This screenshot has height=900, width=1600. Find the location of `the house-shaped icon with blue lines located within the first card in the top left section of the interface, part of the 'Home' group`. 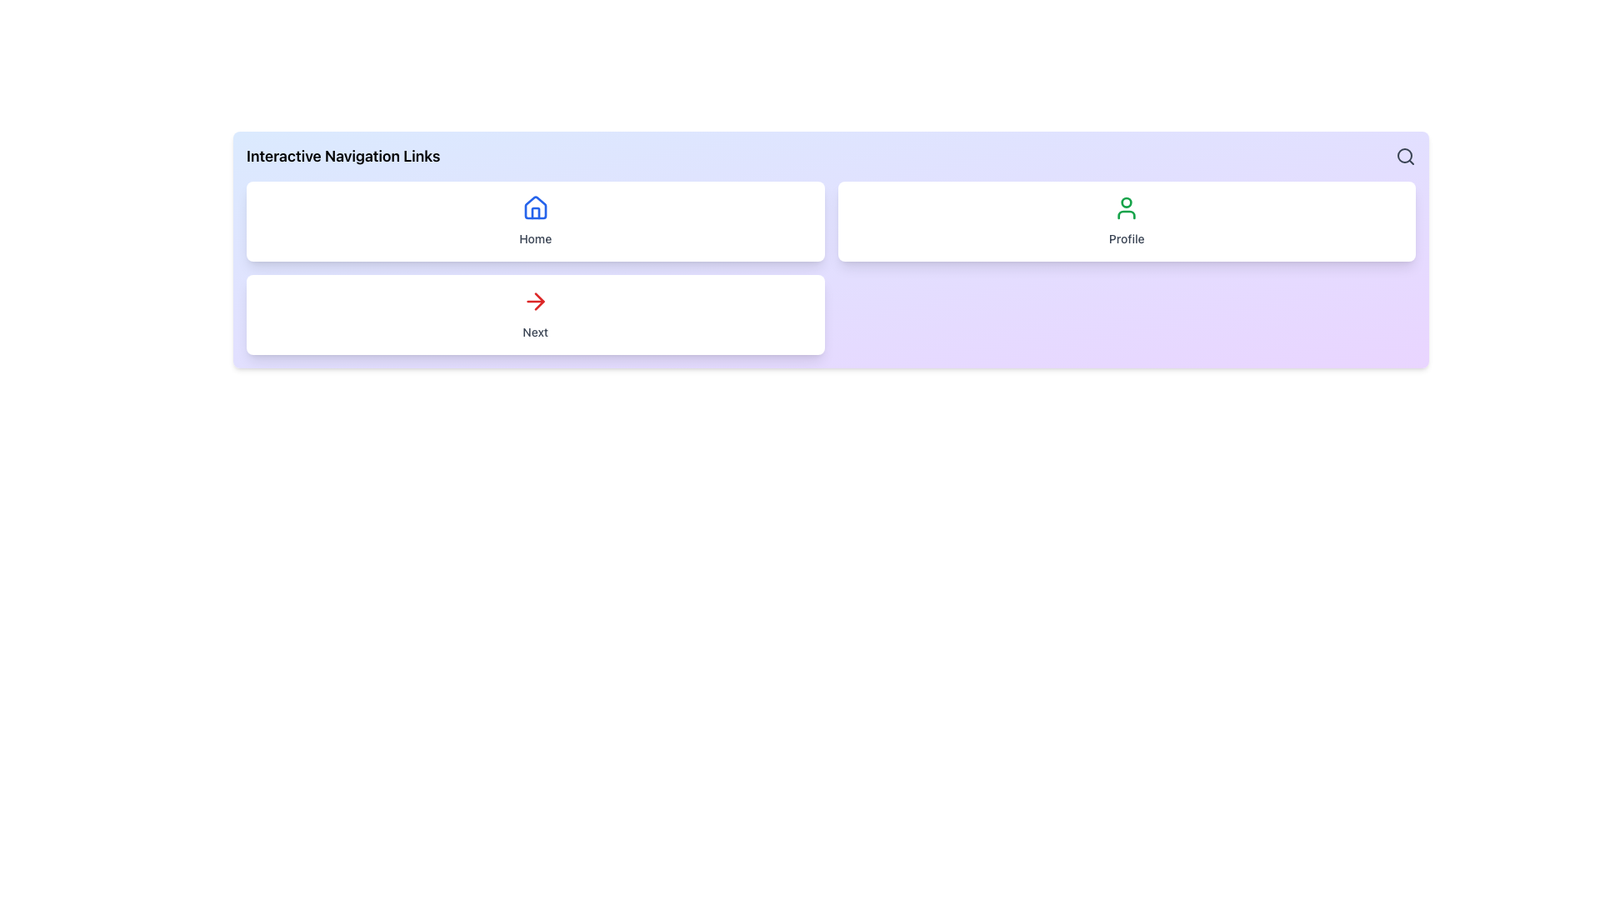

the house-shaped icon with blue lines located within the first card in the top left section of the interface, part of the 'Home' group is located at coordinates (535, 207).